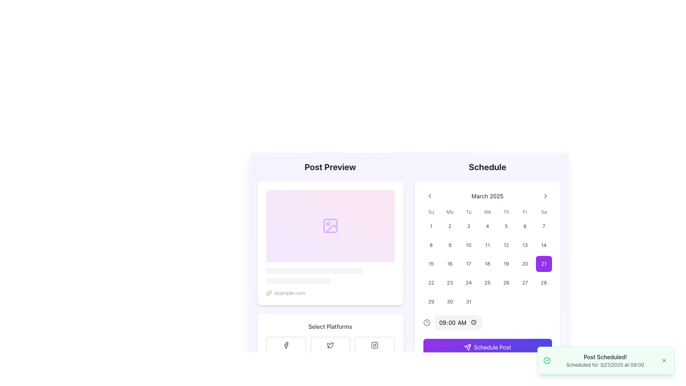 The image size is (686, 386). What do you see at coordinates (374, 345) in the screenshot?
I see `the Instagram button, which is the third button in the row under the 'Select Platforms' heading` at bounding box center [374, 345].